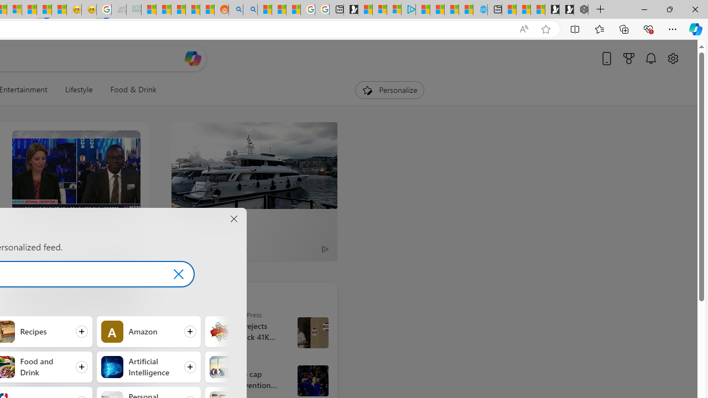  What do you see at coordinates (78, 90) in the screenshot?
I see `'Lifestyle'` at bounding box center [78, 90].